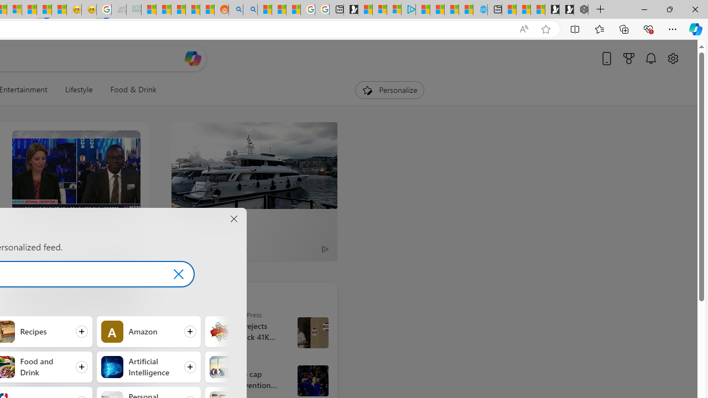  What do you see at coordinates (78, 90) in the screenshot?
I see `'Lifestyle'` at bounding box center [78, 90].